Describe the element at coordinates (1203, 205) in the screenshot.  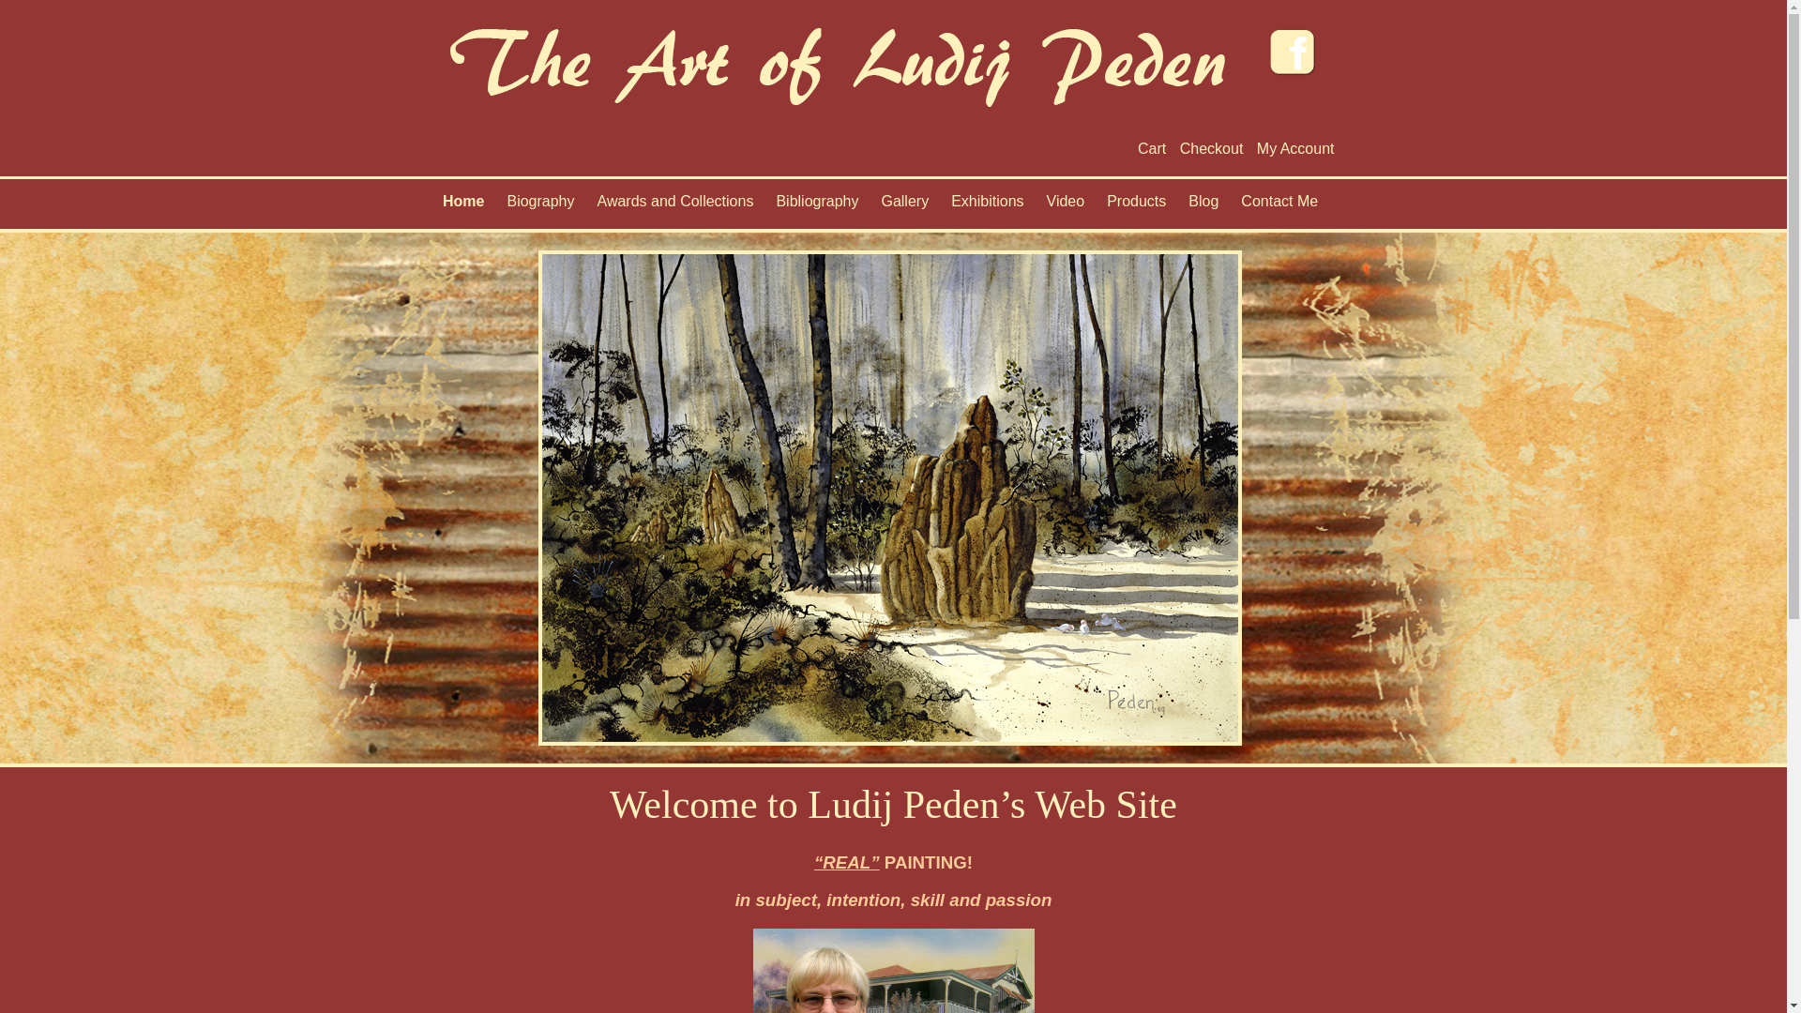
I see `'Blog'` at that location.